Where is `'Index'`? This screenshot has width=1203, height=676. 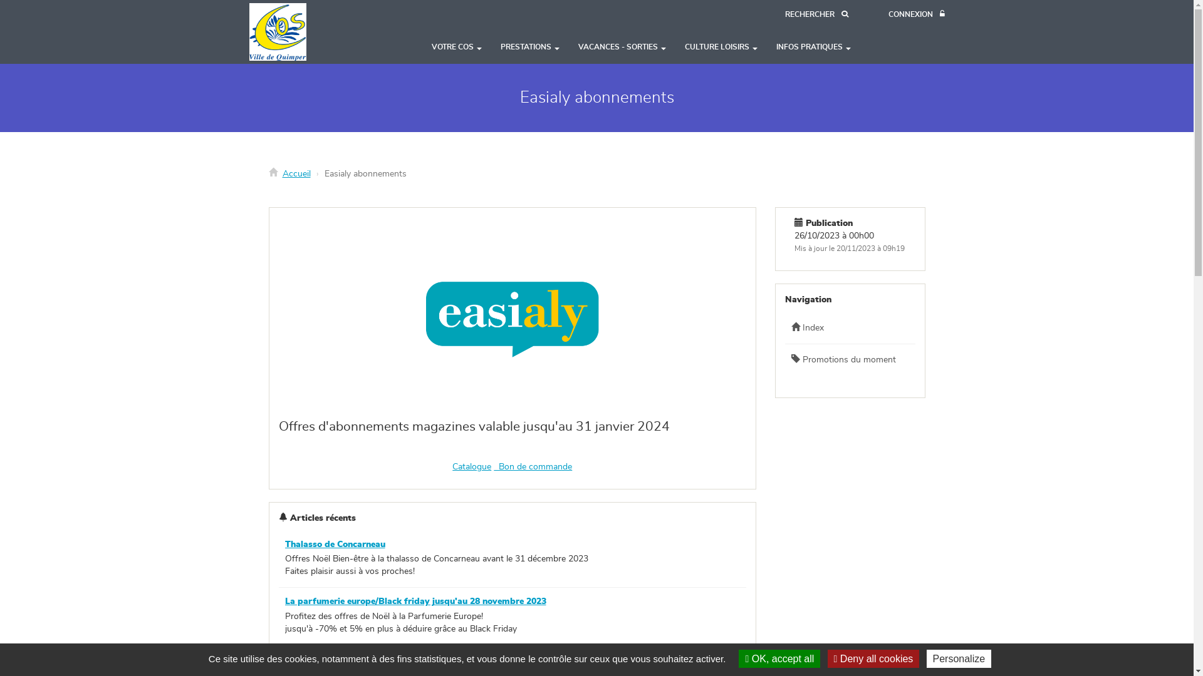 'Index' is located at coordinates (850, 327).